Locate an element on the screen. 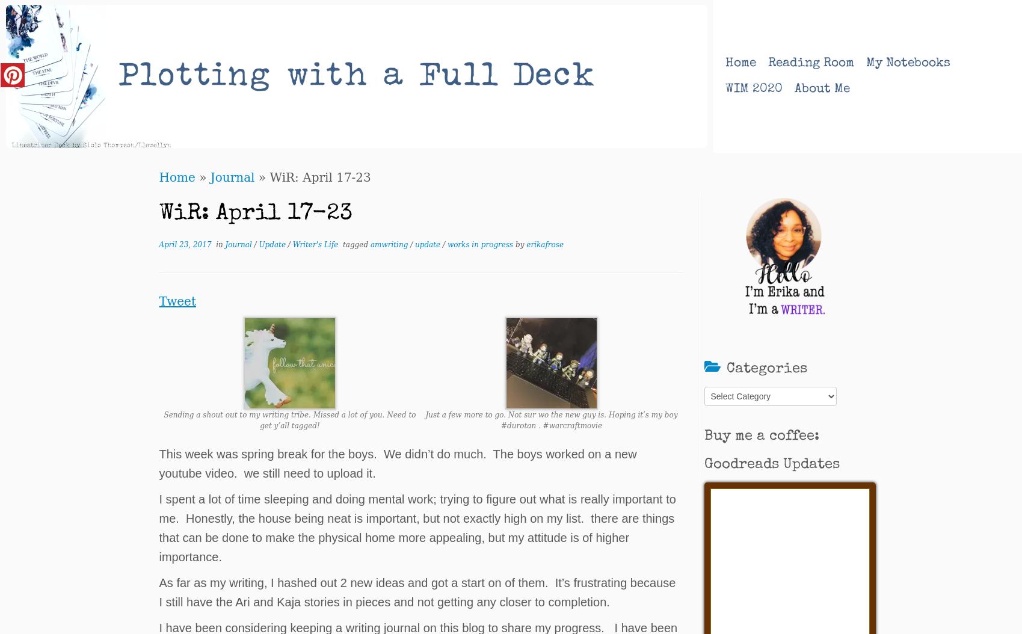 The image size is (1022, 634). 'update' is located at coordinates (428, 244).